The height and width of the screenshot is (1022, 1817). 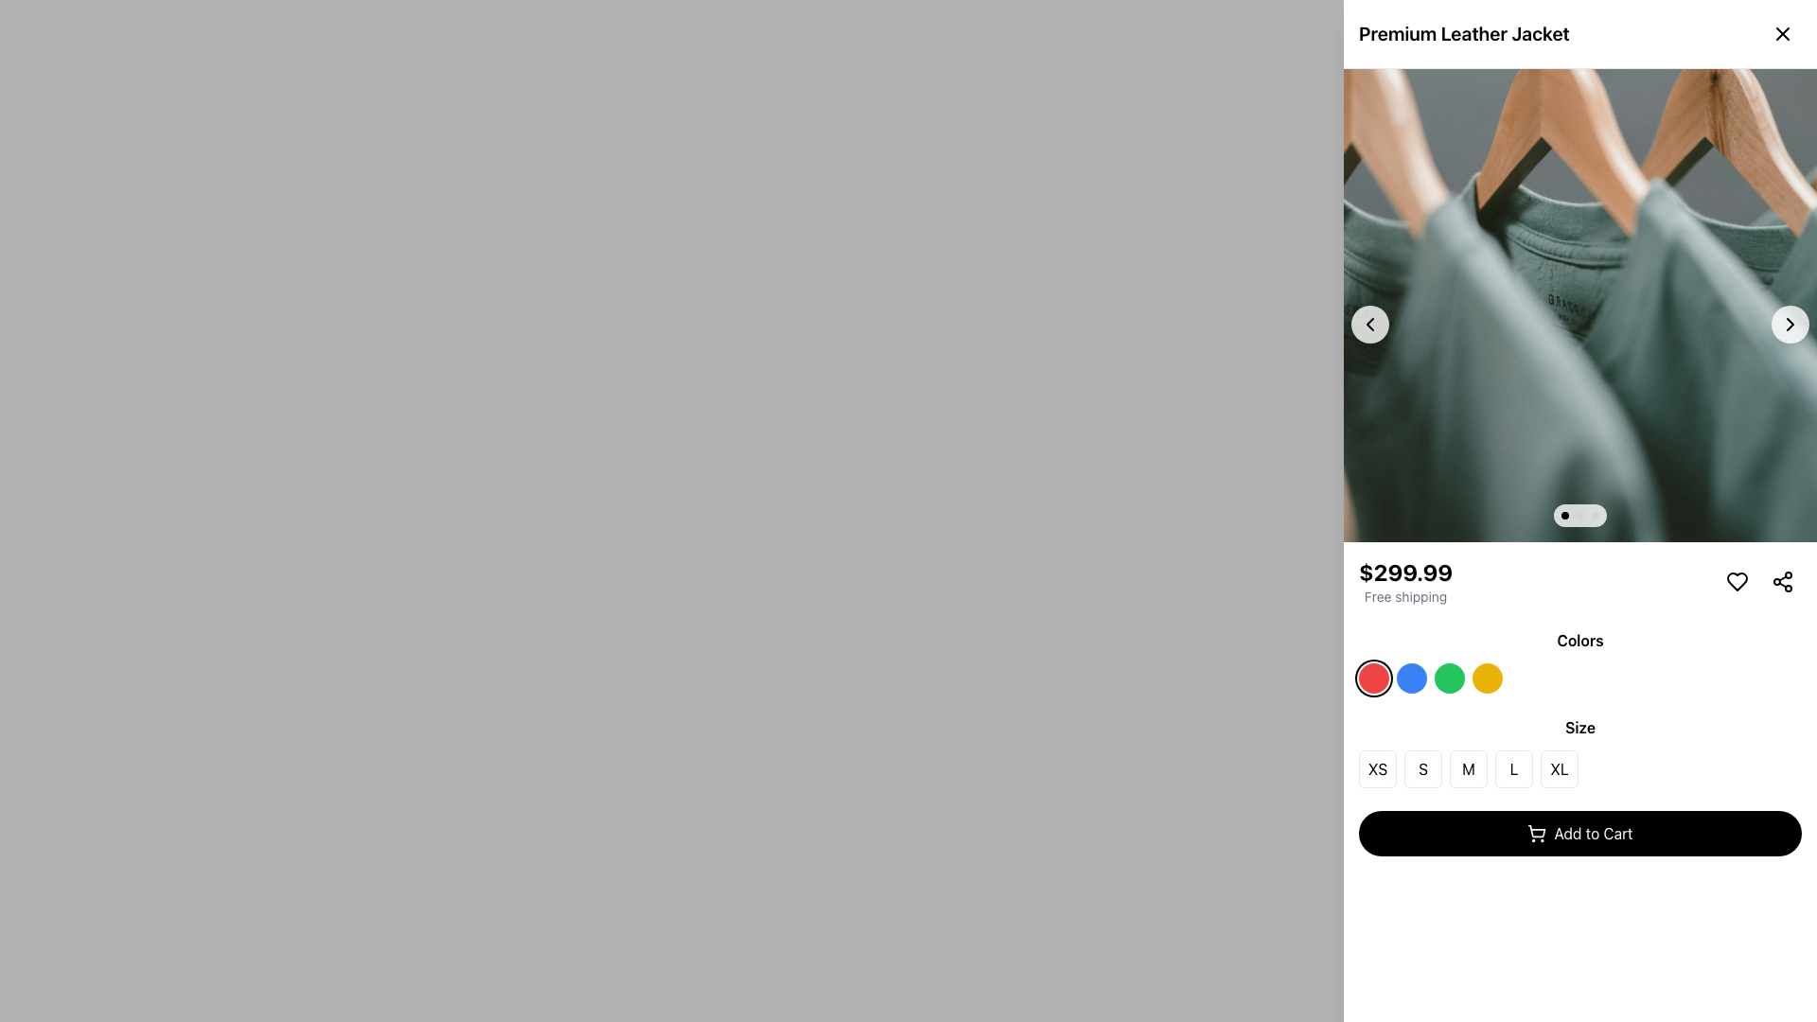 I want to click on the circular button with a white background and a left-pointing black arrow for keyboard interaction, so click(x=1370, y=324).